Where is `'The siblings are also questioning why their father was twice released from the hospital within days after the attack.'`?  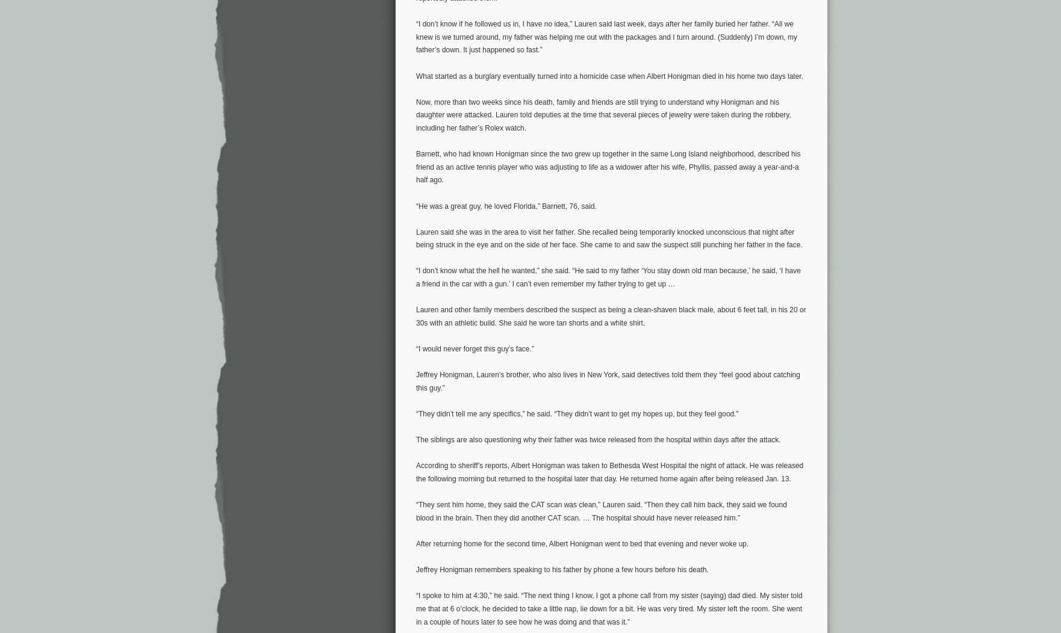
'The siblings are also questioning why their father was twice released from the hospital within days after the attack.' is located at coordinates (598, 440).